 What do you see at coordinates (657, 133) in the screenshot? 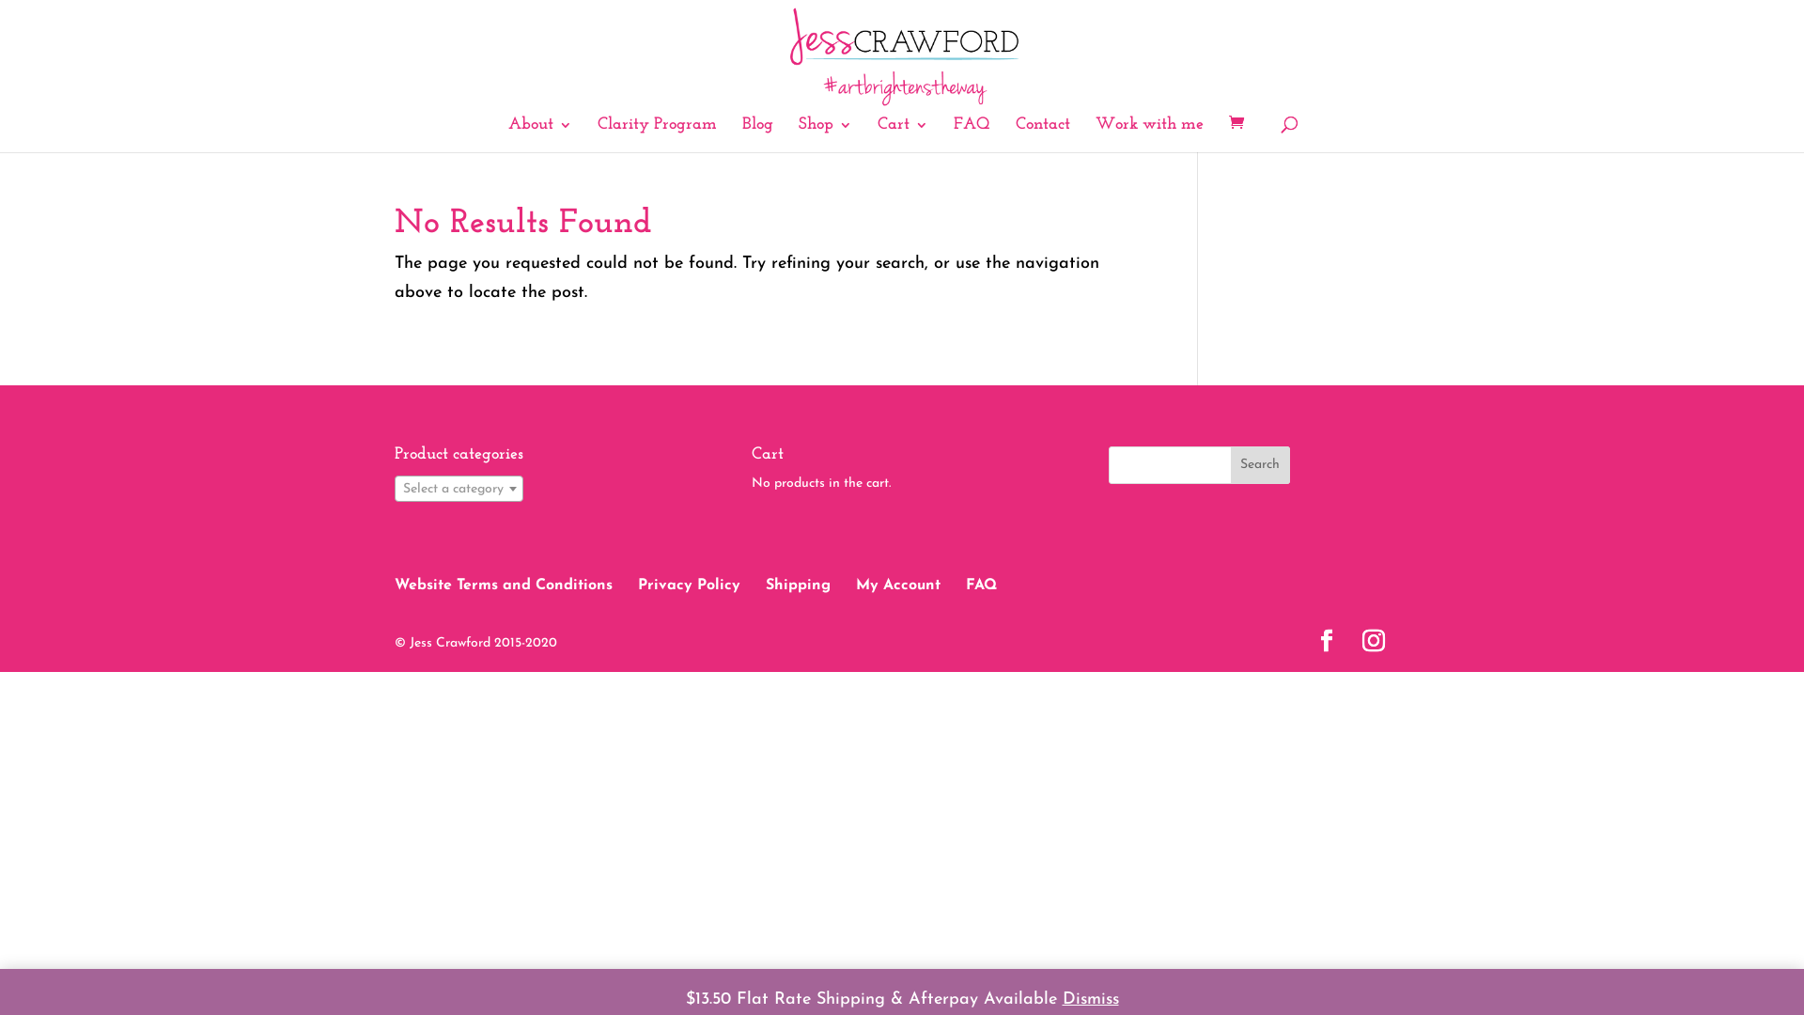
I see `'Clarity Program'` at bounding box center [657, 133].